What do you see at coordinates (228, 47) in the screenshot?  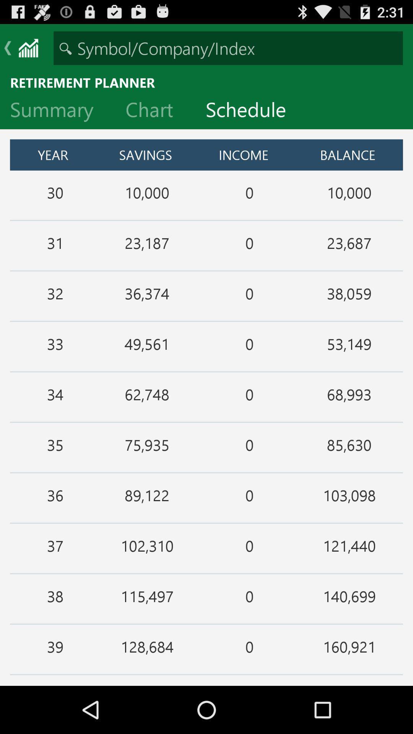 I see `symbol or company` at bounding box center [228, 47].